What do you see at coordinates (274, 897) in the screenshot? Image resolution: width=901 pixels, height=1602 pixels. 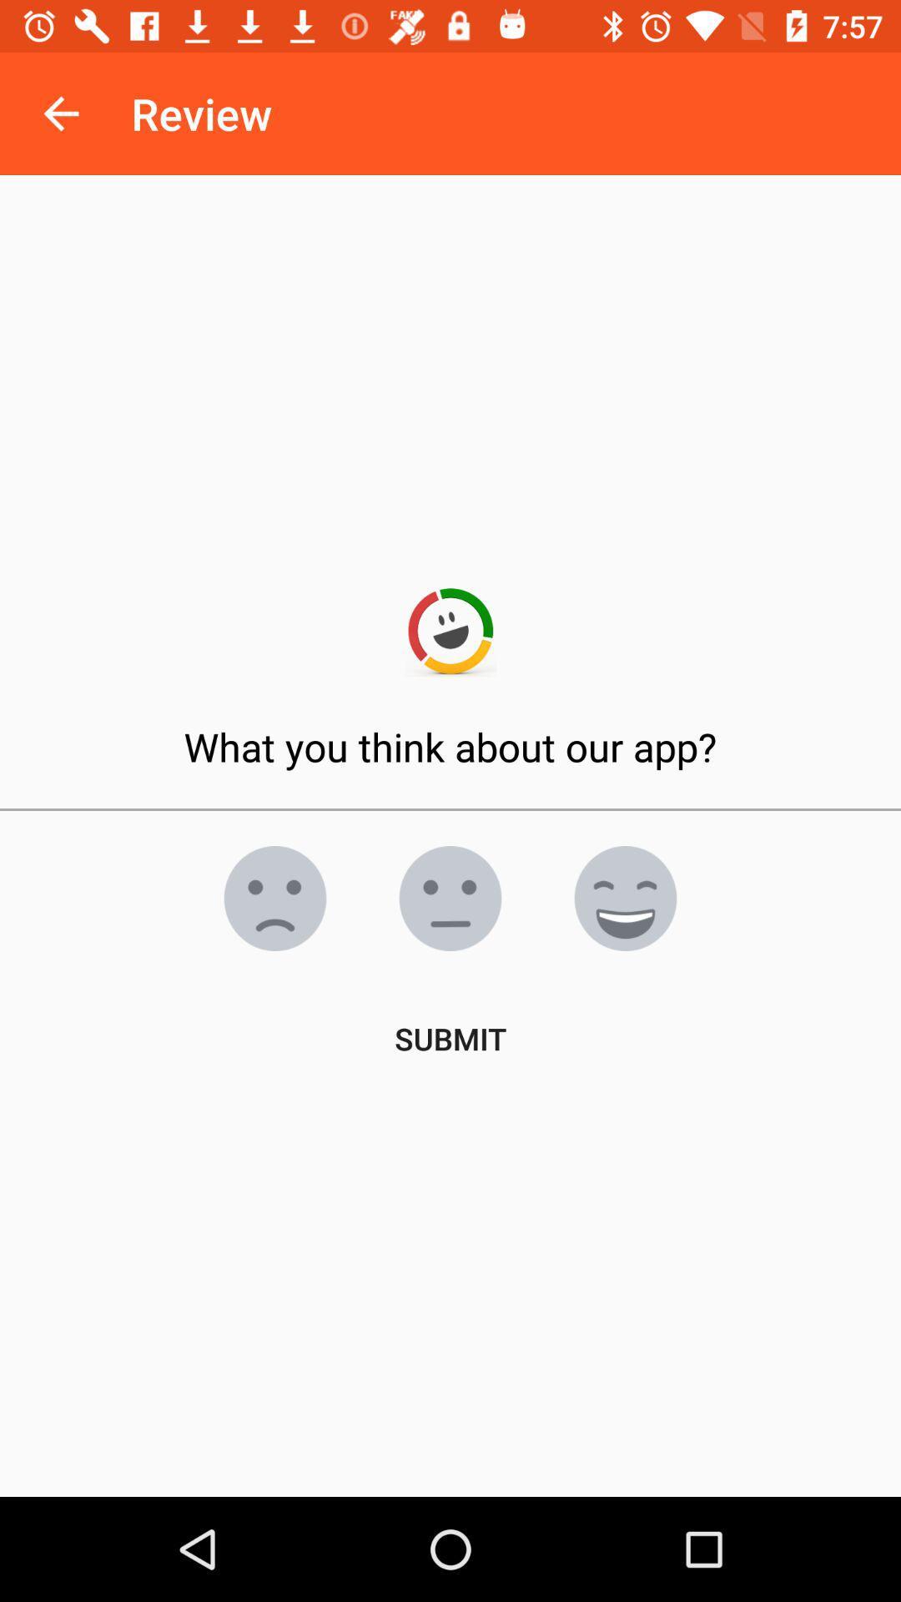 I see `give an opinion` at bounding box center [274, 897].